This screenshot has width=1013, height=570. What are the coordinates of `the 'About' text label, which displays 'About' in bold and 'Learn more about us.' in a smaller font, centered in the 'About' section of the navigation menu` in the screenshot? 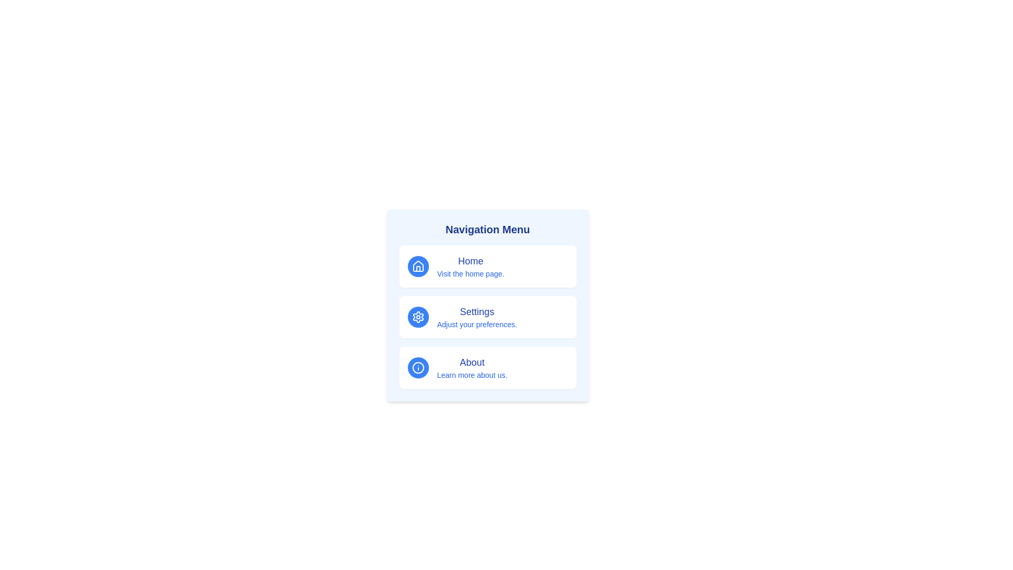 It's located at (472, 367).